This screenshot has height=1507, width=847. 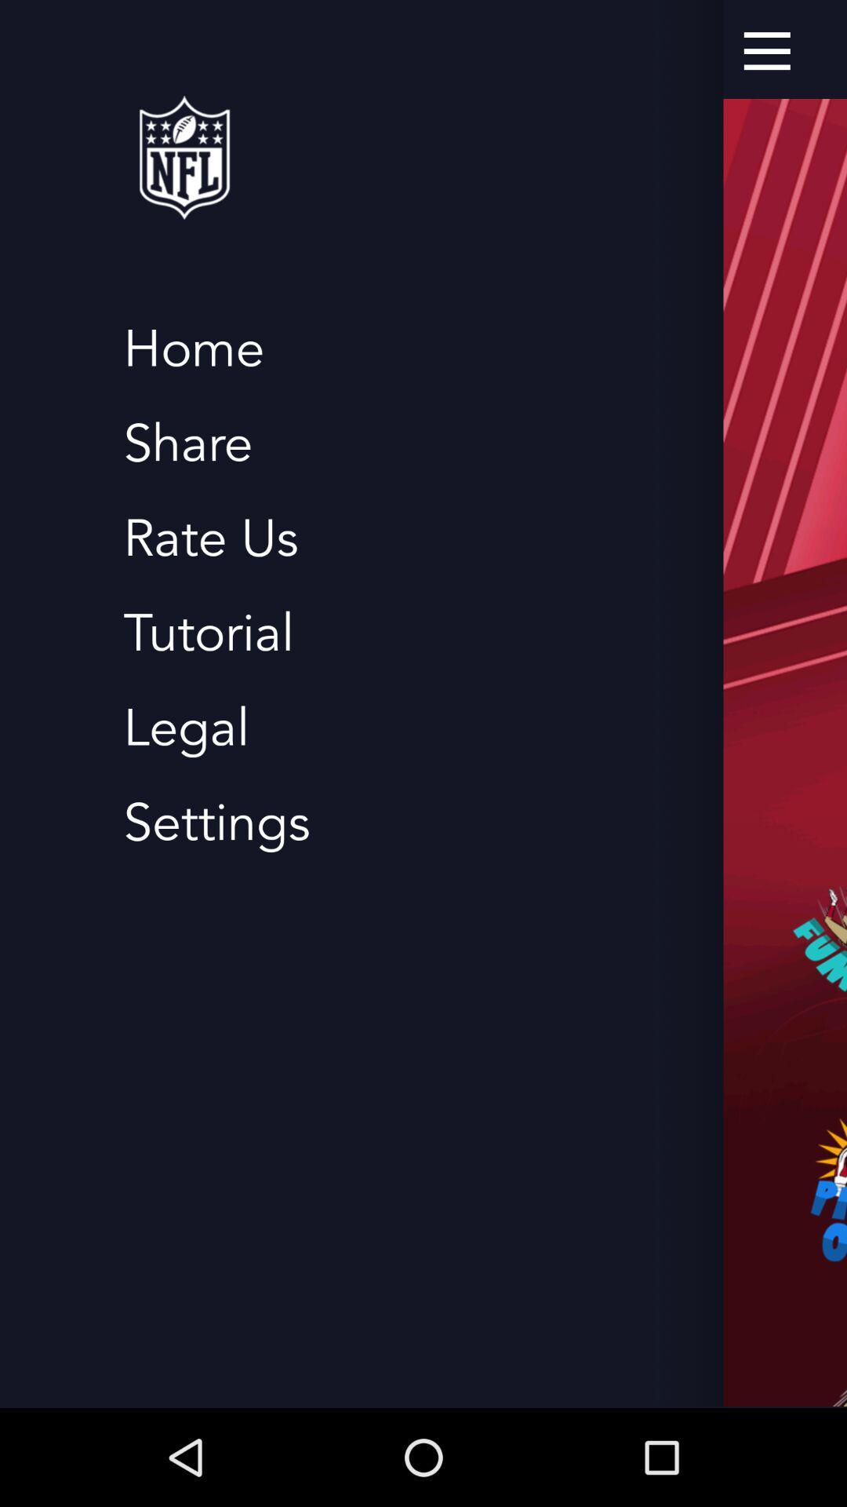 What do you see at coordinates (208, 633) in the screenshot?
I see `the item above the legal app` at bounding box center [208, 633].